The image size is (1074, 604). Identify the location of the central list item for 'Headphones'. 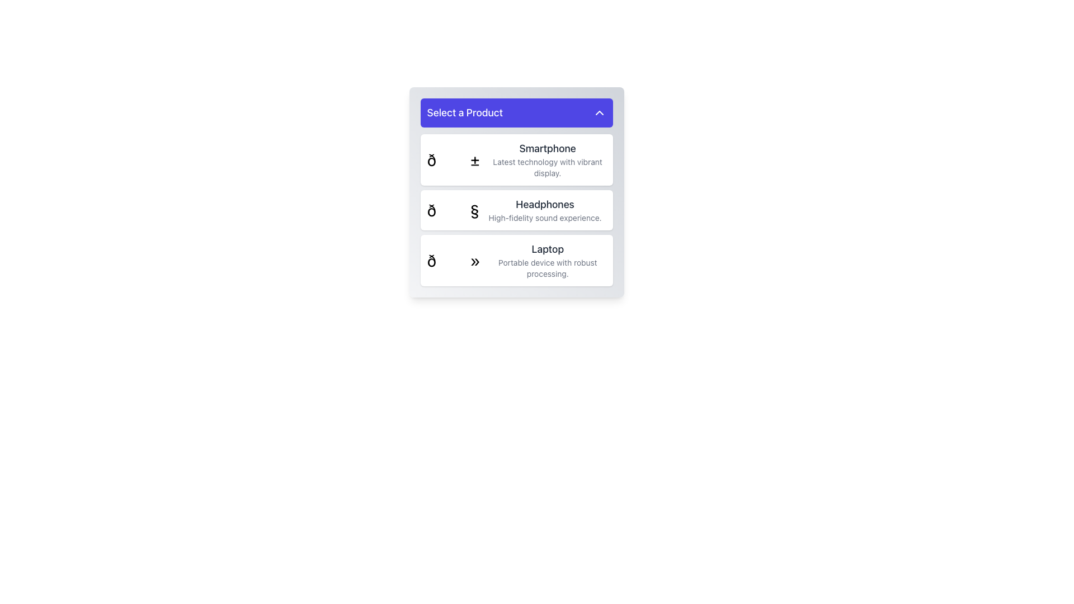
(545, 210).